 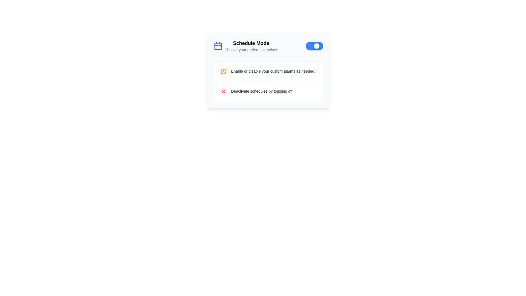 I want to click on the red 'X' icon, which is positioned to the far left of the horizontal arrangement and is part of a group with a text element reading 'Deactivate schedules by toggling off.', so click(x=223, y=91).